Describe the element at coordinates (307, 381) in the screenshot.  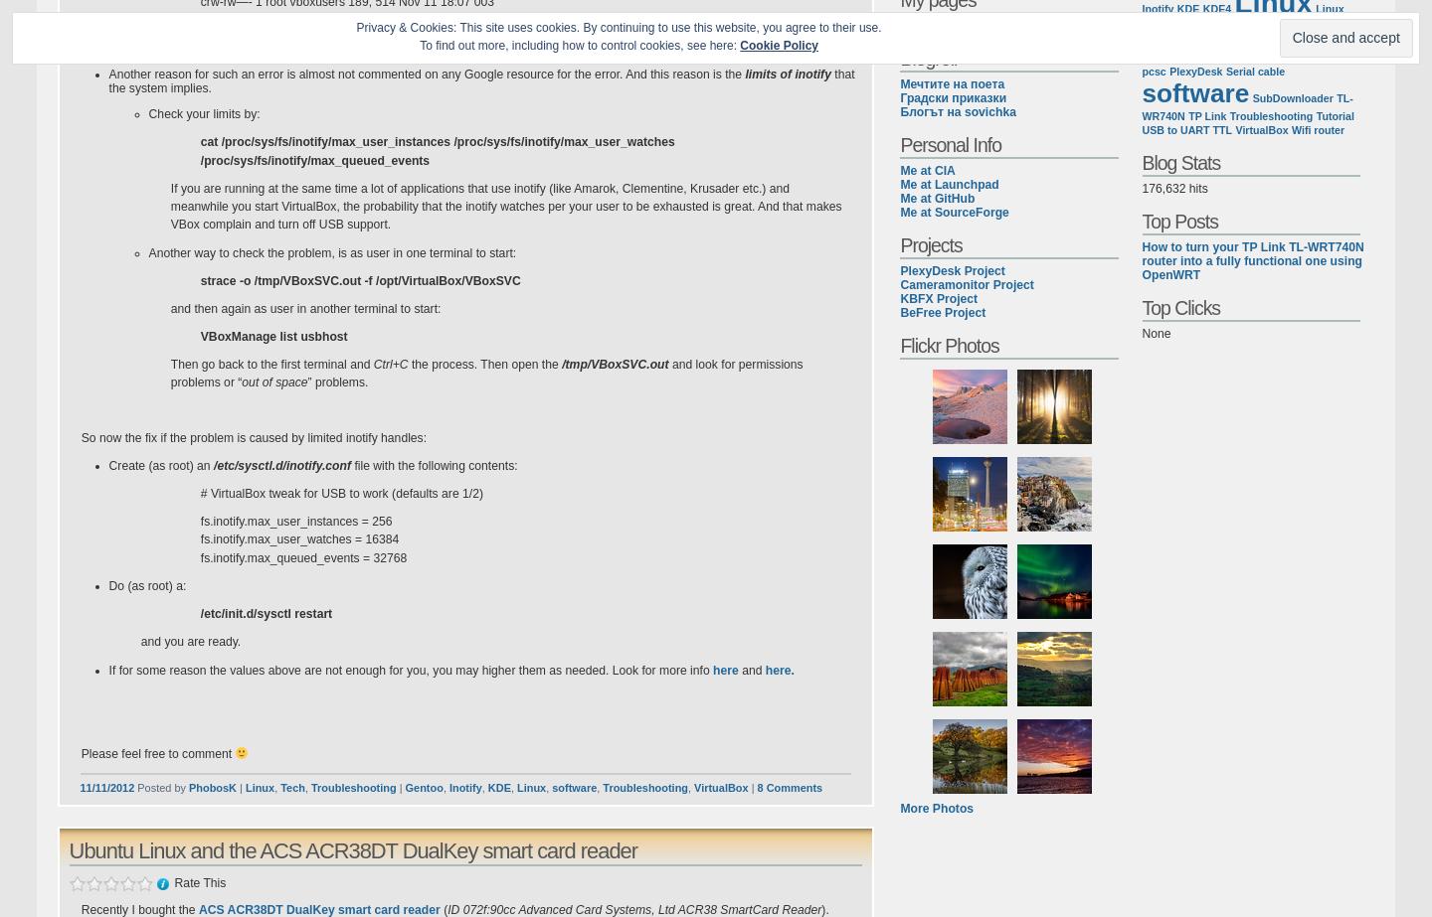
I see `'” problems.'` at that location.